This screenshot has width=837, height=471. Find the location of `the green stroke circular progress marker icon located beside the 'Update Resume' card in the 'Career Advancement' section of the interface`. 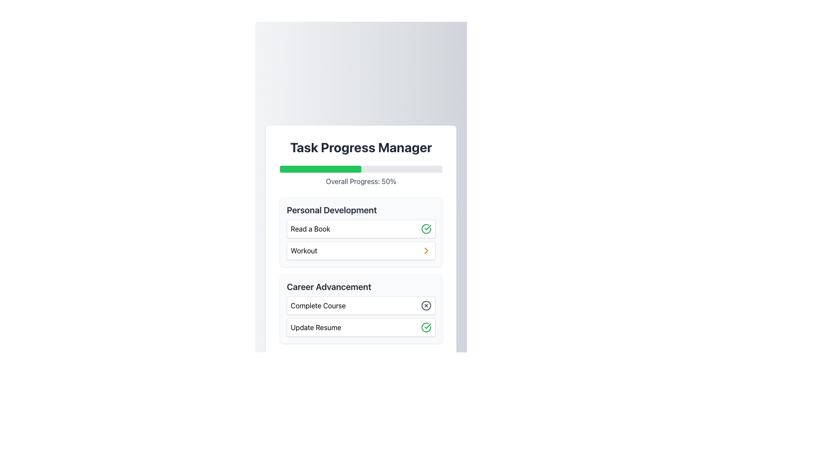

the green stroke circular progress marker icon located beside the 'Update Resume' card in the 'Career Advancement' section of the interface is located at coordinates (426, 228).